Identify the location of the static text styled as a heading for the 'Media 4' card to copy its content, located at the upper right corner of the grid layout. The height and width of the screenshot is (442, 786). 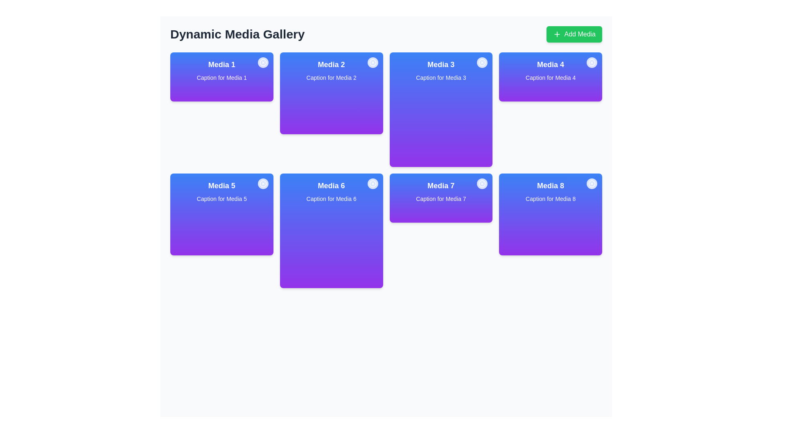
(551, 64).